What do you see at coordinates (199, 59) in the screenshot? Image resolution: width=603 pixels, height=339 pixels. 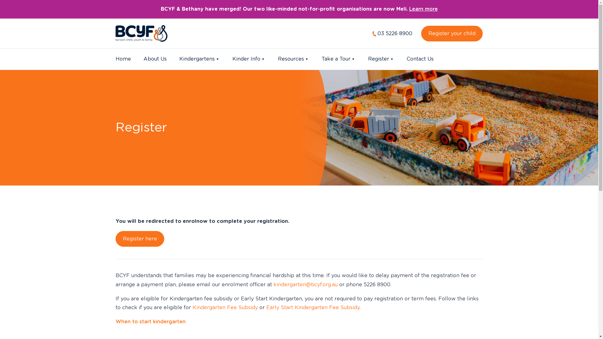 I see `'Kindergartens'` at bounding box center [199, 59].